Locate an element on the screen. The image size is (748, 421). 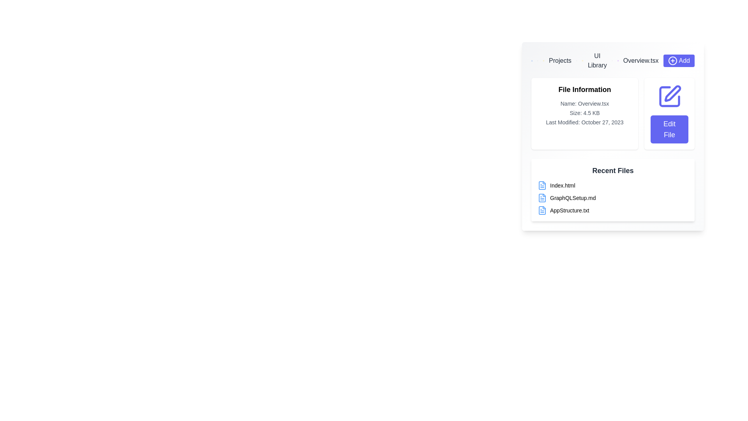
the breadcrumb navigation text label indicating 'projects' is located at coordinates (559, 60).